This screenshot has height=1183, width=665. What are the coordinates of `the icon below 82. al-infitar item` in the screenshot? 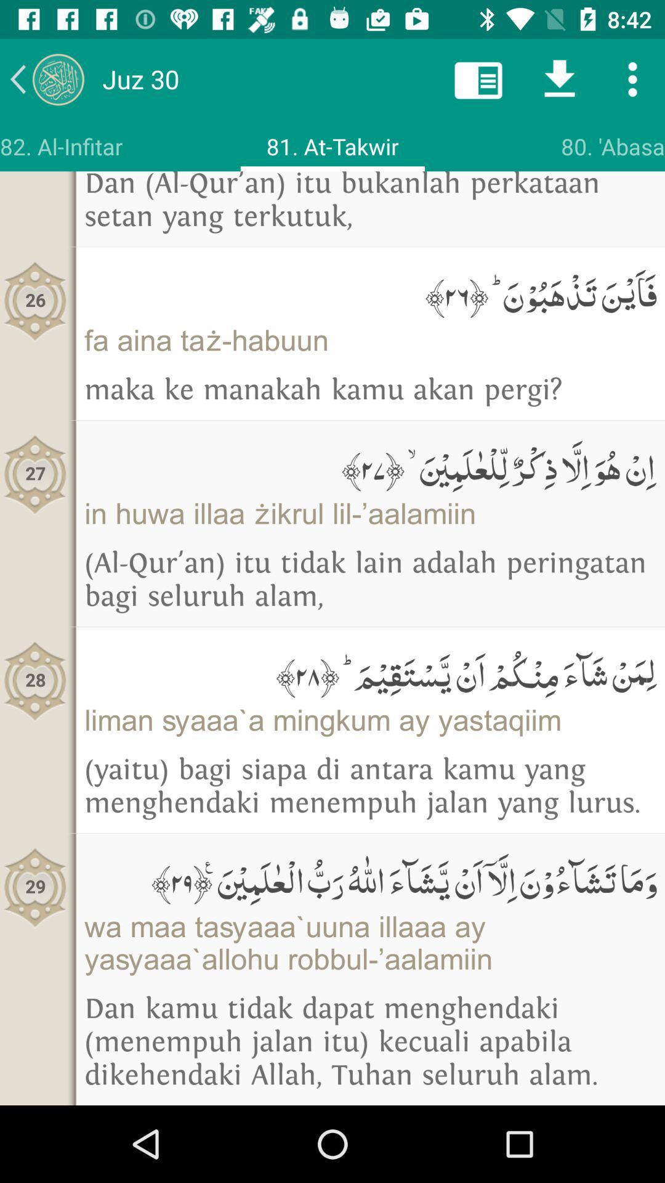 It's located at (34, 301).